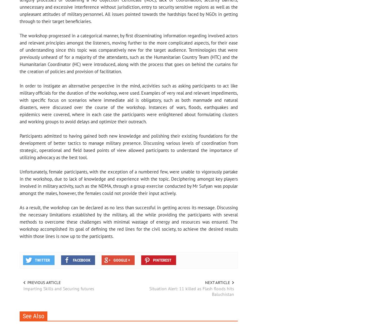  I want to click on 'The workshop progressed in a categorical manner, by first disseminating information regarding involved actors and relevant principles amongst the listeners, moving further to the more complicated aspects, for their ease of understanding since this topic was comparatively new for the target audience. Terminologies that were previously unheard of for a majority of the attendants, such as the Humanitarian Country Team (HTC) and the Humanitarian Coordinator (HC) were introduced, along with the process that goes on behind the curtains for the creation of policies and provision of facilitation.', so click(128, 53).